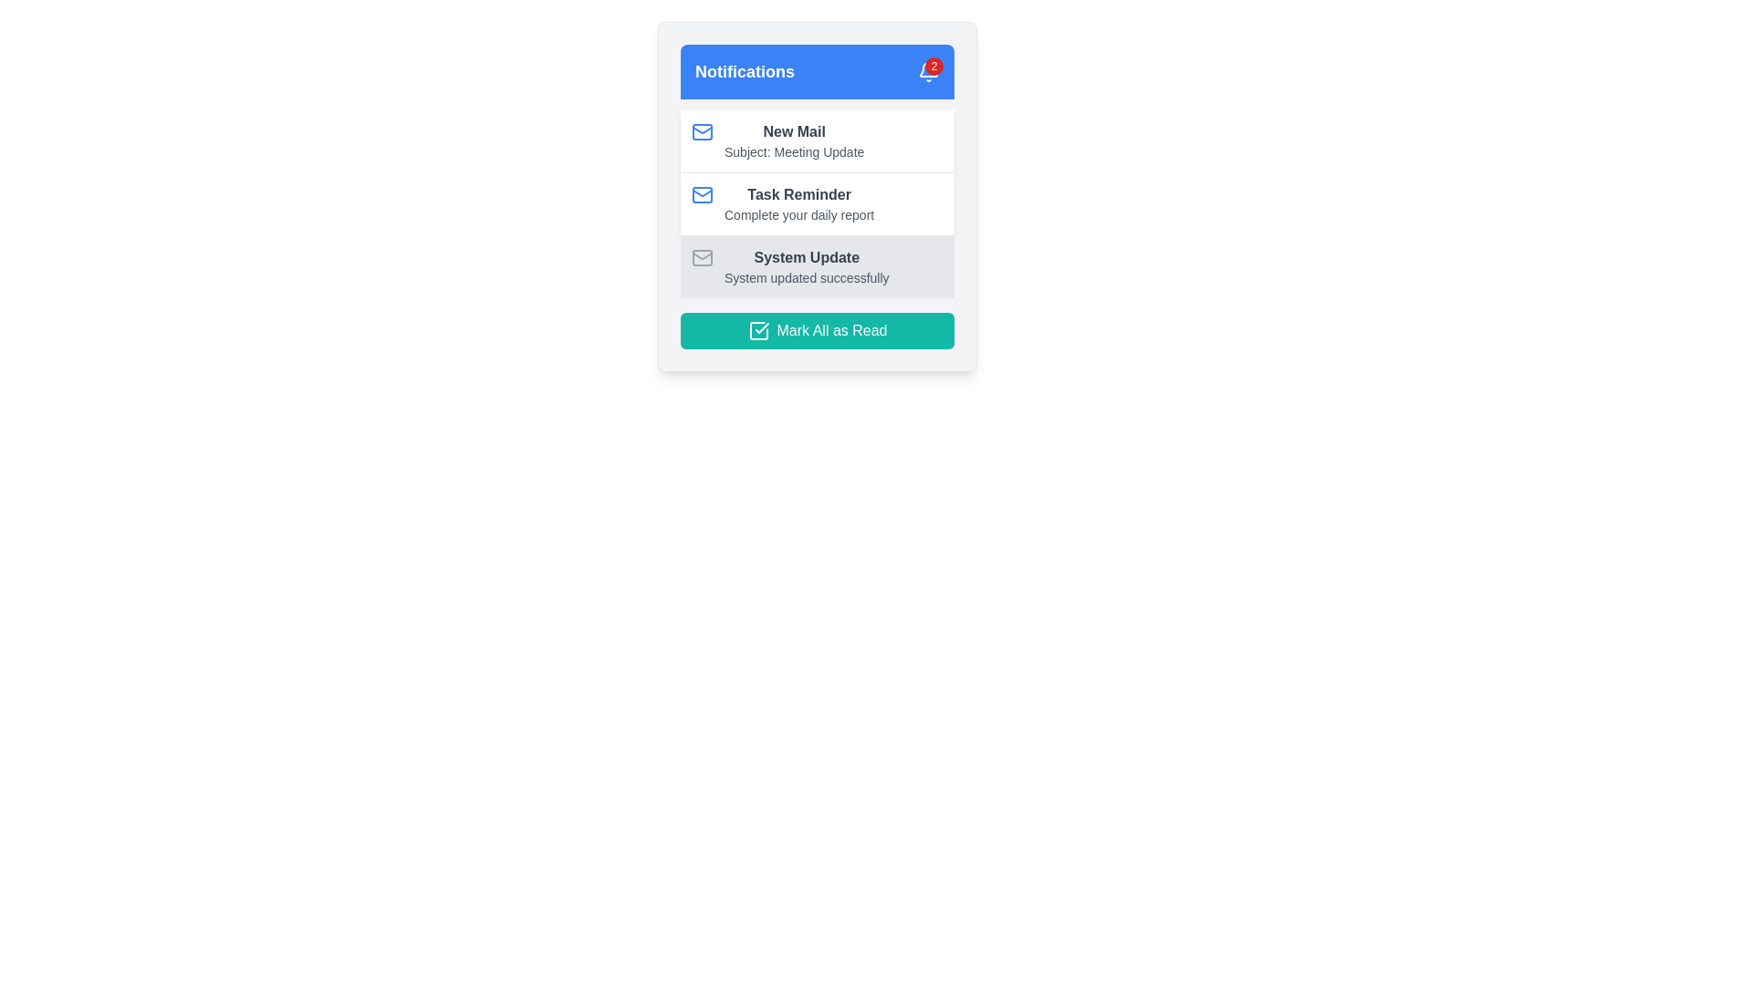 This screenshot has width=1752, height=985. I want to click on the icon located on the left side of the 'Mark All as Read' button, which indicates its functionality to mark items as read, so click(758, 330).